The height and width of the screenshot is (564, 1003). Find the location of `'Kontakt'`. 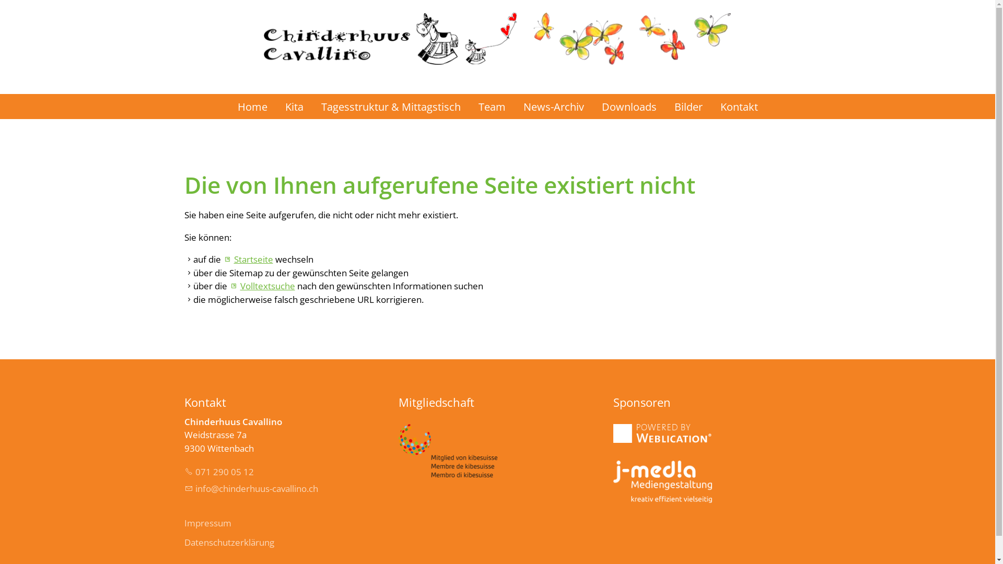

'Kontakt' is located at coordinates (739, 107).